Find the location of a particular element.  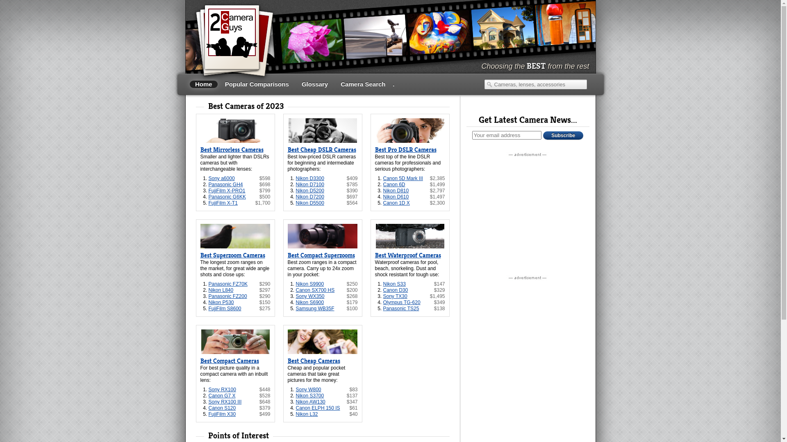

'Nikon D7100' is located at coordinates (309, 185).